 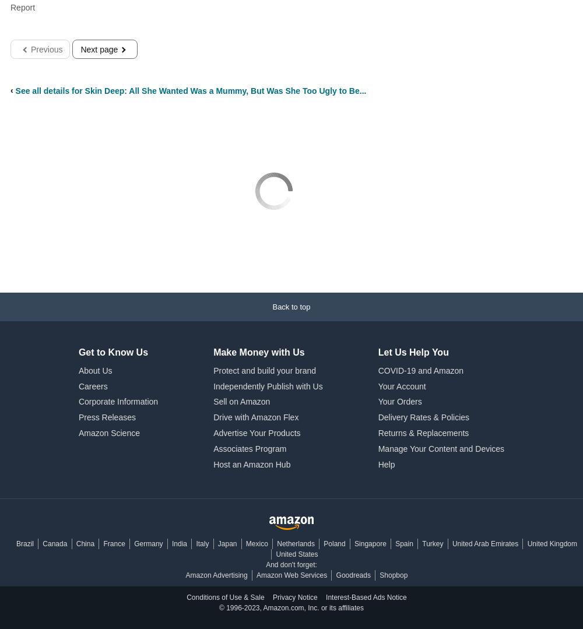 I want to click on 'Delivery Rates & Policies', so click(x=378, y=417).